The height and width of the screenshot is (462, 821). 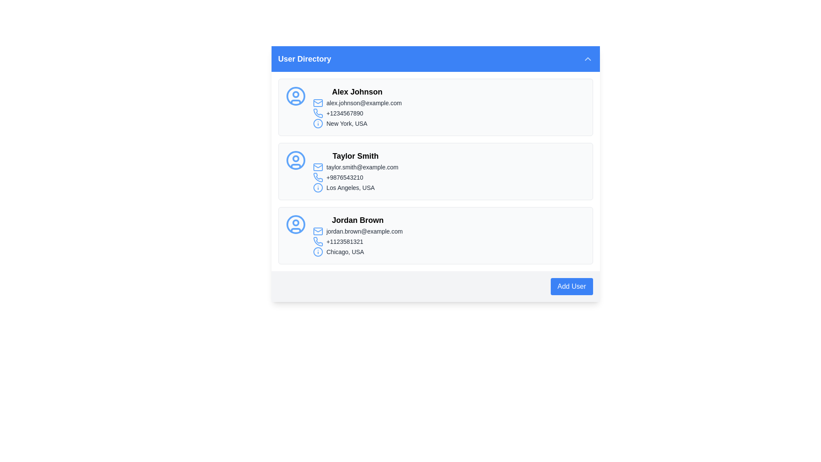 I want to click on the blue phone icon in the topmost user information card, located to the left of the phone number '+1234567890', so click(x=317, y=113).